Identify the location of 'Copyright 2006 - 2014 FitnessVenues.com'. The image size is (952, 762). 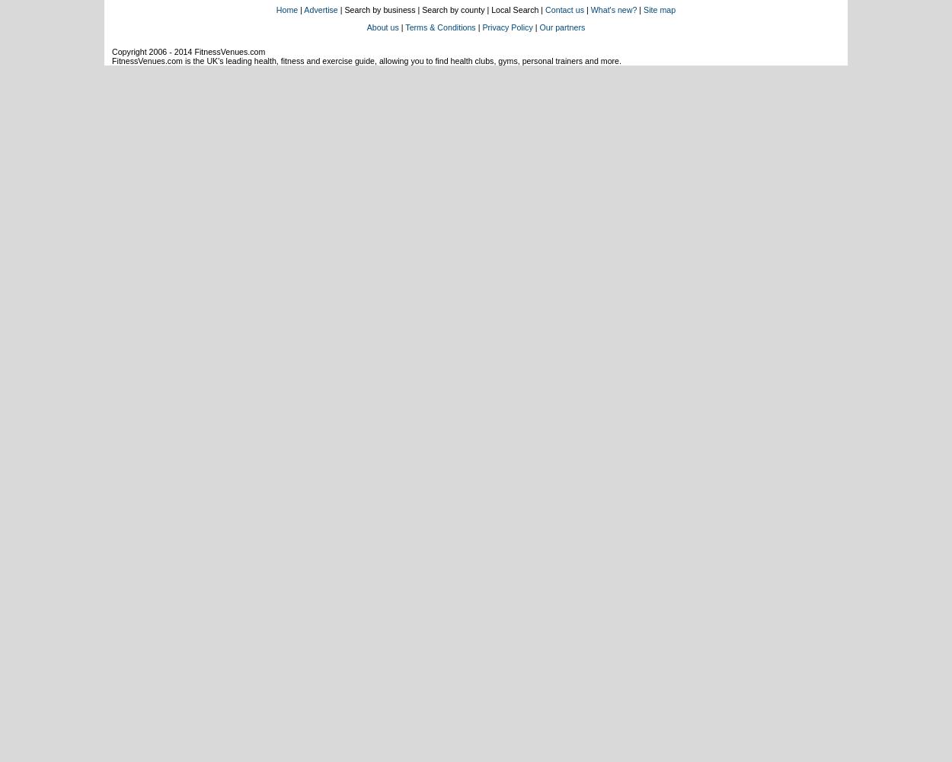
(187, 51).